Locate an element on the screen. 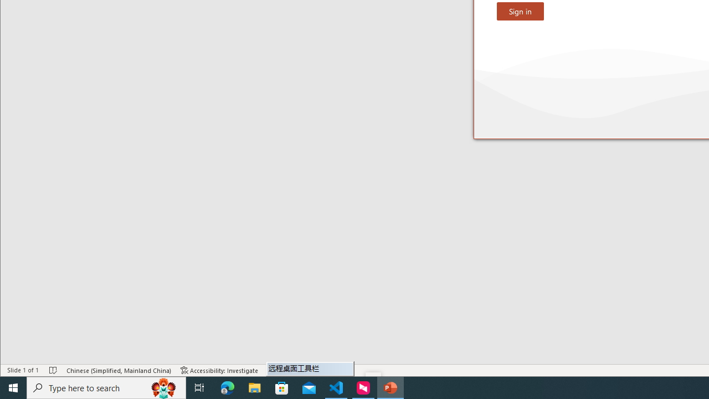 This screenshot has height=399, width=709. 'Sign in' is located at coordinates (520, 11).